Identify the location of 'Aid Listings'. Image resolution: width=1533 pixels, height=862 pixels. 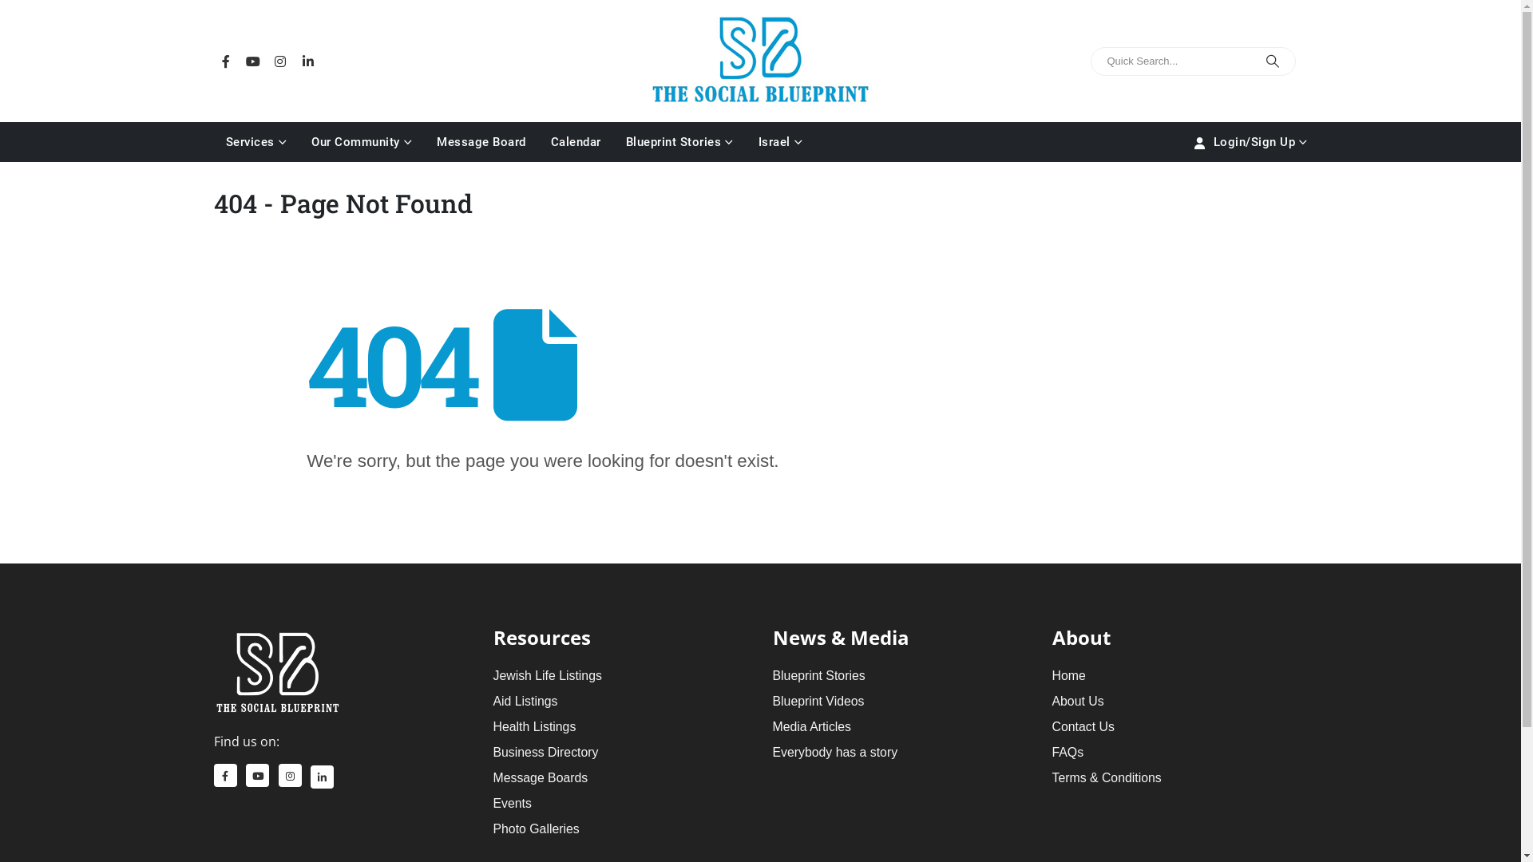
(525, 700).